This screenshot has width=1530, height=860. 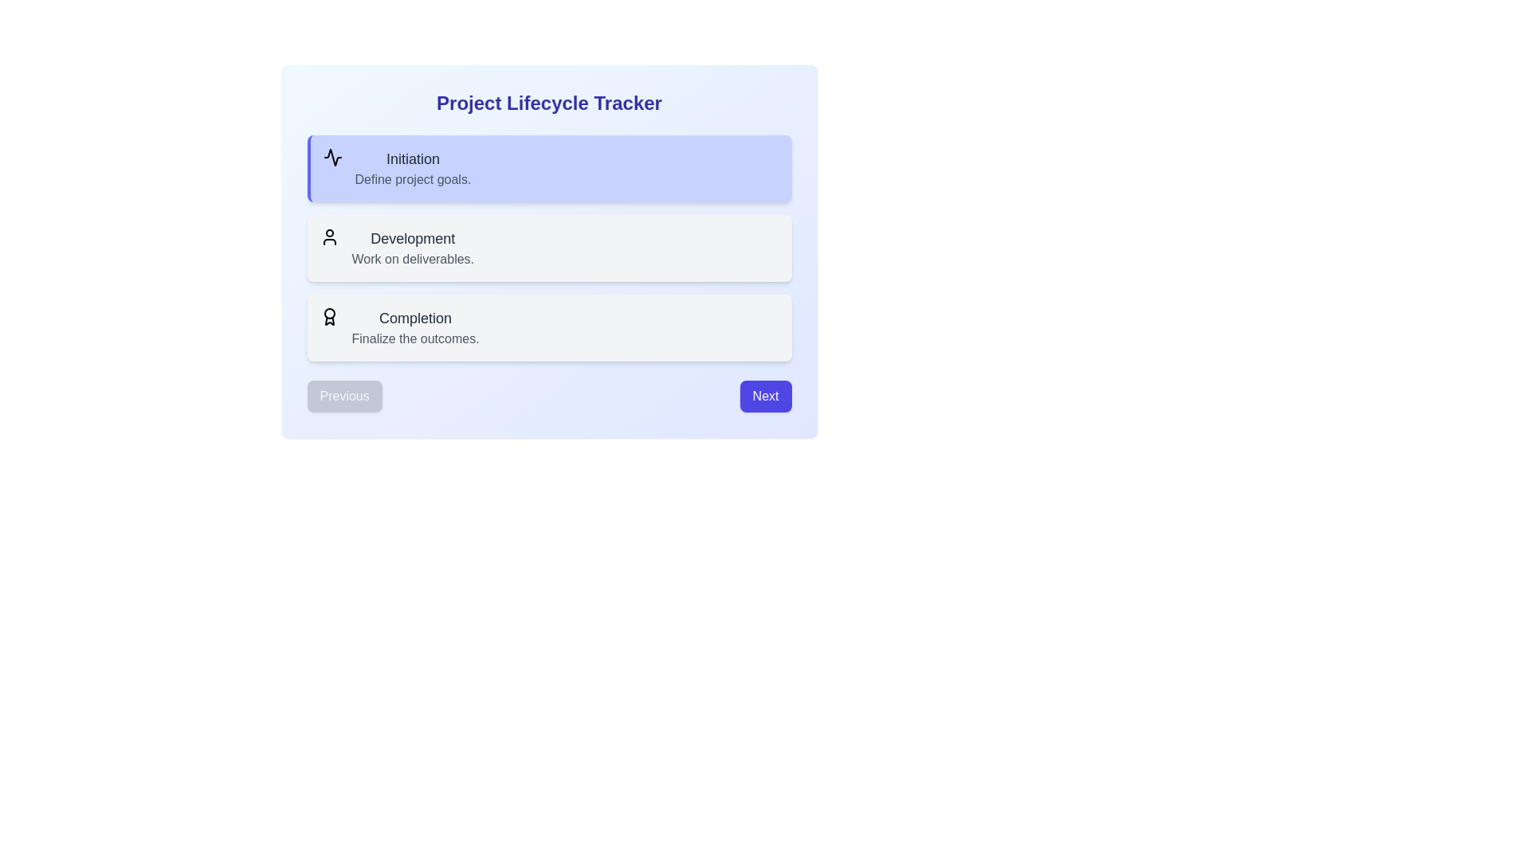 I want to click on text from the label located in the 'Development' section, positioned below the 'Development' title and above the 'Completion' section, so click(x=413, y=259).